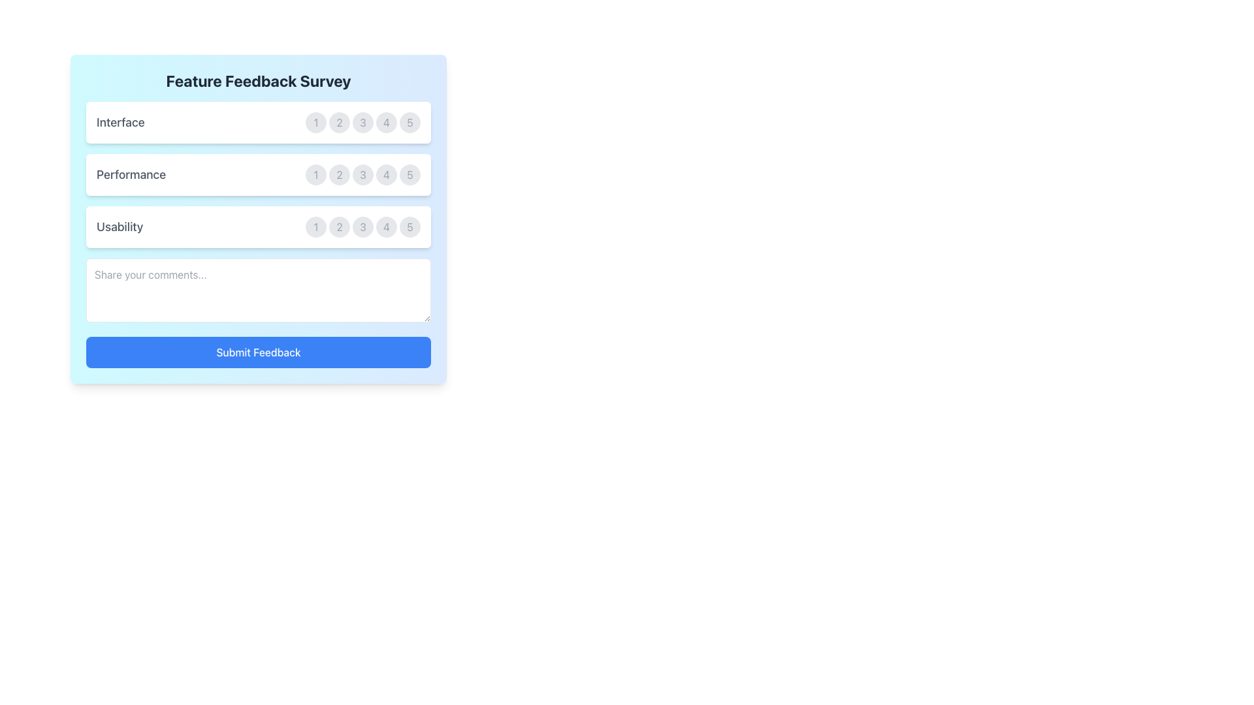  Describe the element at coordinates (385, 123) in the screenshot. I see `the circular button with a light gray background and a darker gray numeral '4' centered within` at that location.